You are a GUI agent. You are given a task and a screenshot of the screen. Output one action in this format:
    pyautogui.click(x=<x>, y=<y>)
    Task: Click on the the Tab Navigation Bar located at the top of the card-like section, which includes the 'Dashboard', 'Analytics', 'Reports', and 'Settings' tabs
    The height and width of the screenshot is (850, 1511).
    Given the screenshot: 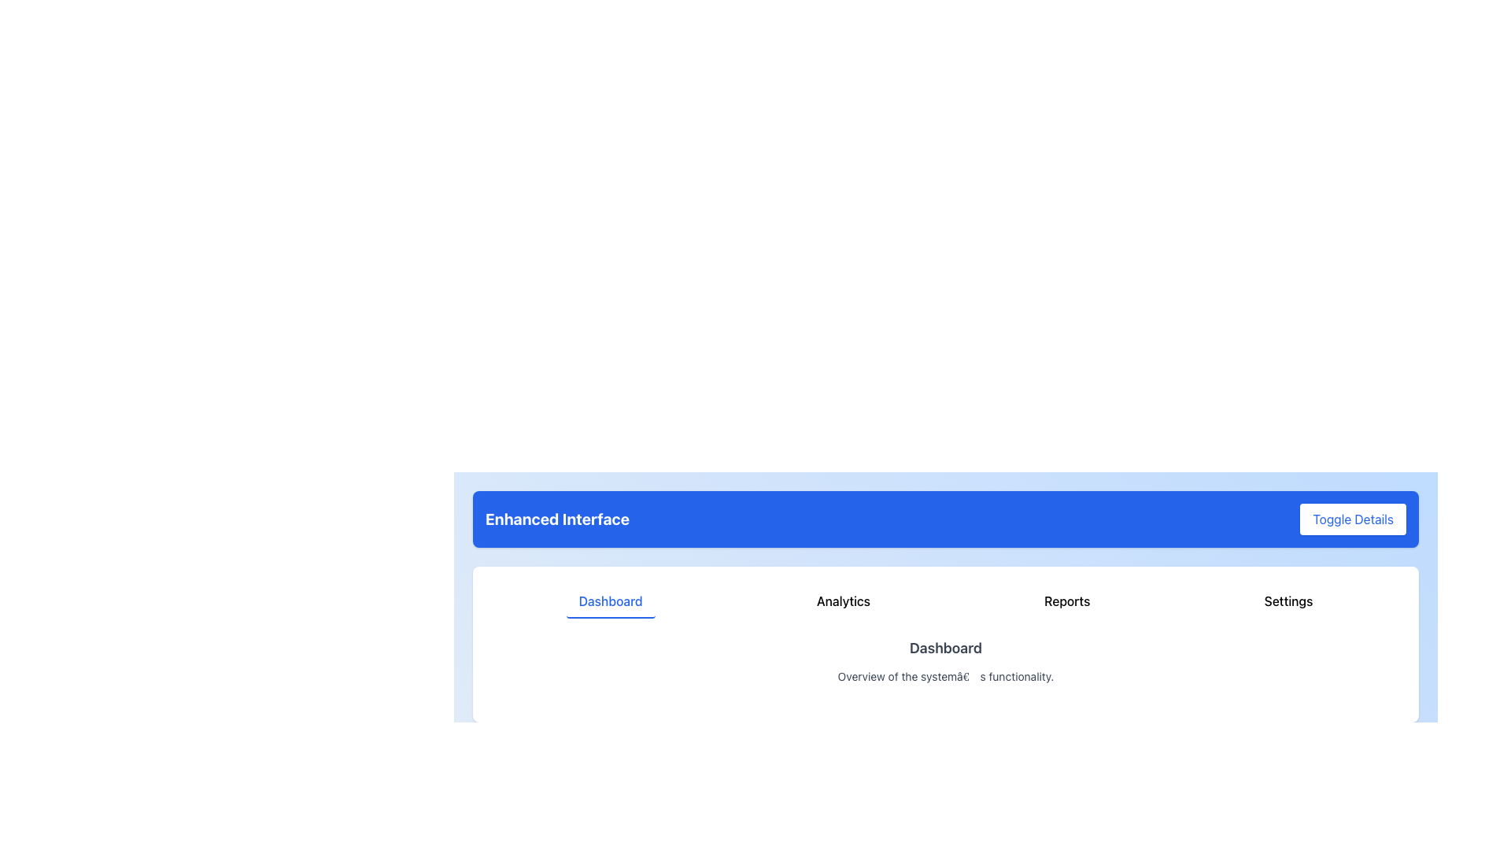 What is the action you would take?
    pyautogui.click(x=944, y=601)
    